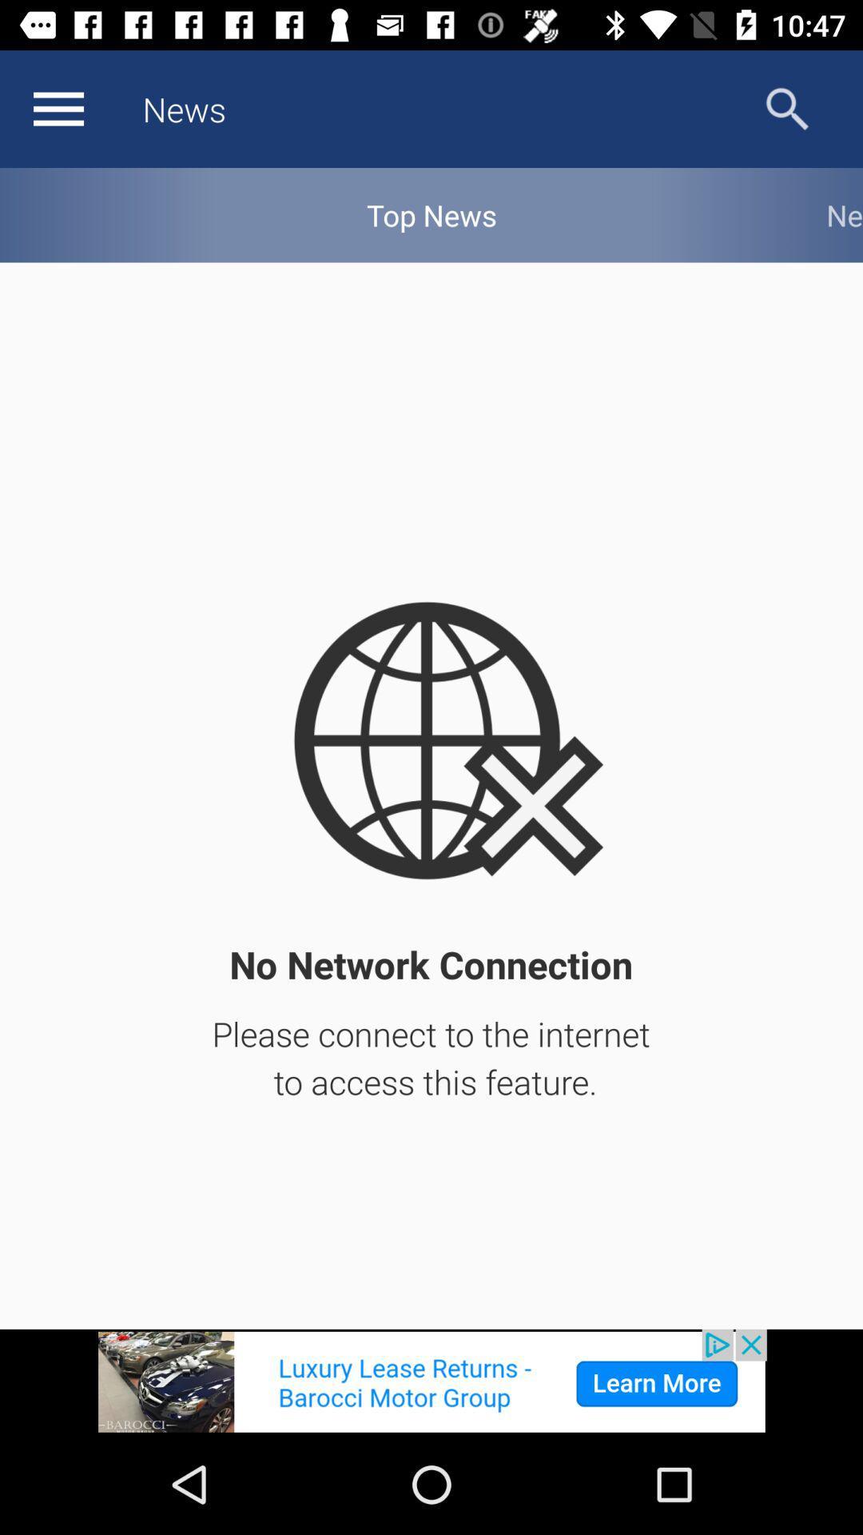 This screenshot has height=1535, width=863. I want to click on the menu icon, so click(58, 108).